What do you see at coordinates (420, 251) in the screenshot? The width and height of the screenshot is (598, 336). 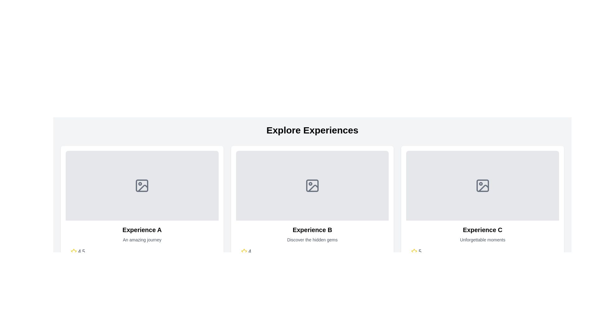 I see `the text label displaying the numeral '5' next to the yellow star icon in the 'Experience C' card layout` at bounding box center [420, 251].